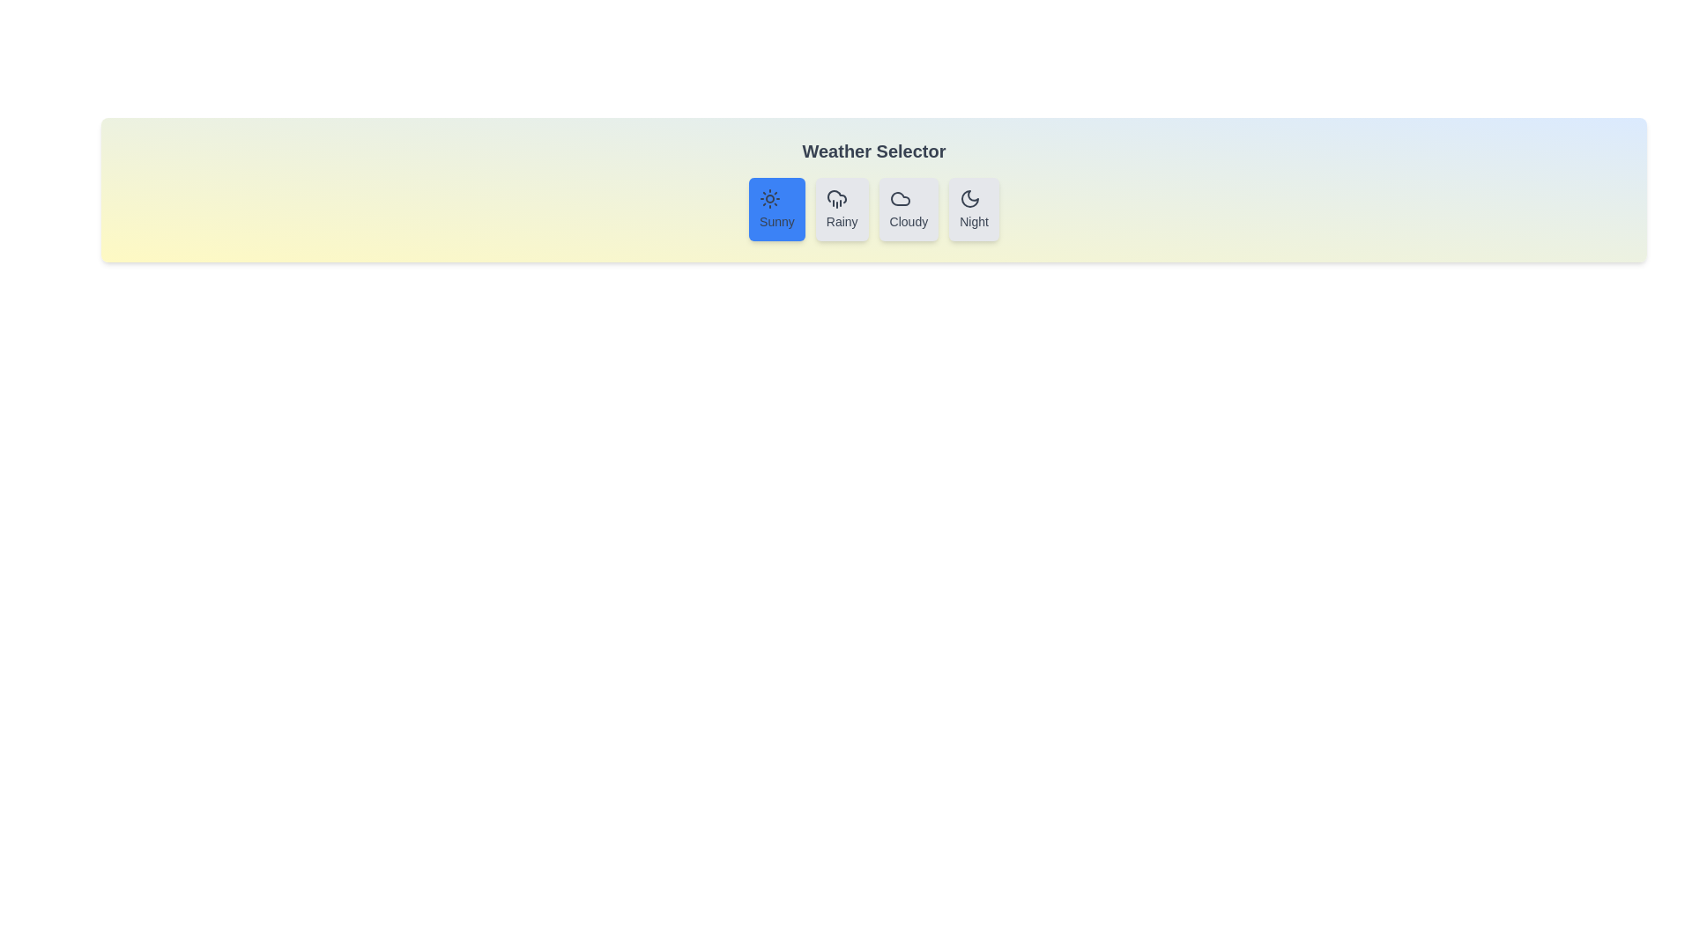  I want to click on the button corresponding to the weather option Cloudy, so click(909, 209).